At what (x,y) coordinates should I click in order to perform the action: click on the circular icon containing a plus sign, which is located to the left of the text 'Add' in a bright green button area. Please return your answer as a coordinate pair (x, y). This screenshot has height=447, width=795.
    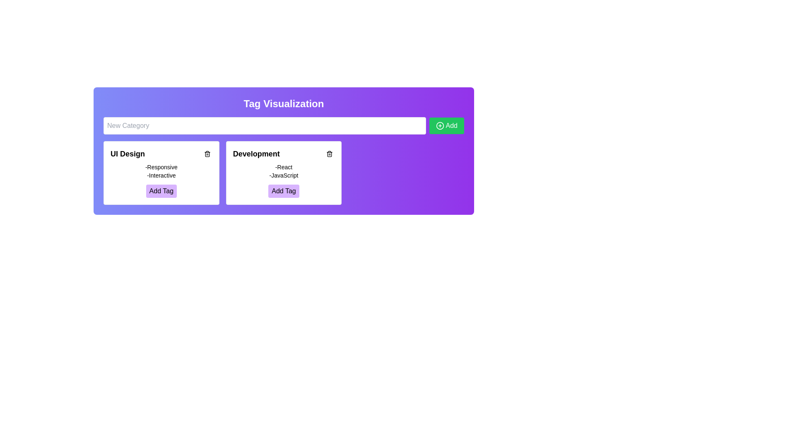
    Looking at the image, I should click on (439, 126).